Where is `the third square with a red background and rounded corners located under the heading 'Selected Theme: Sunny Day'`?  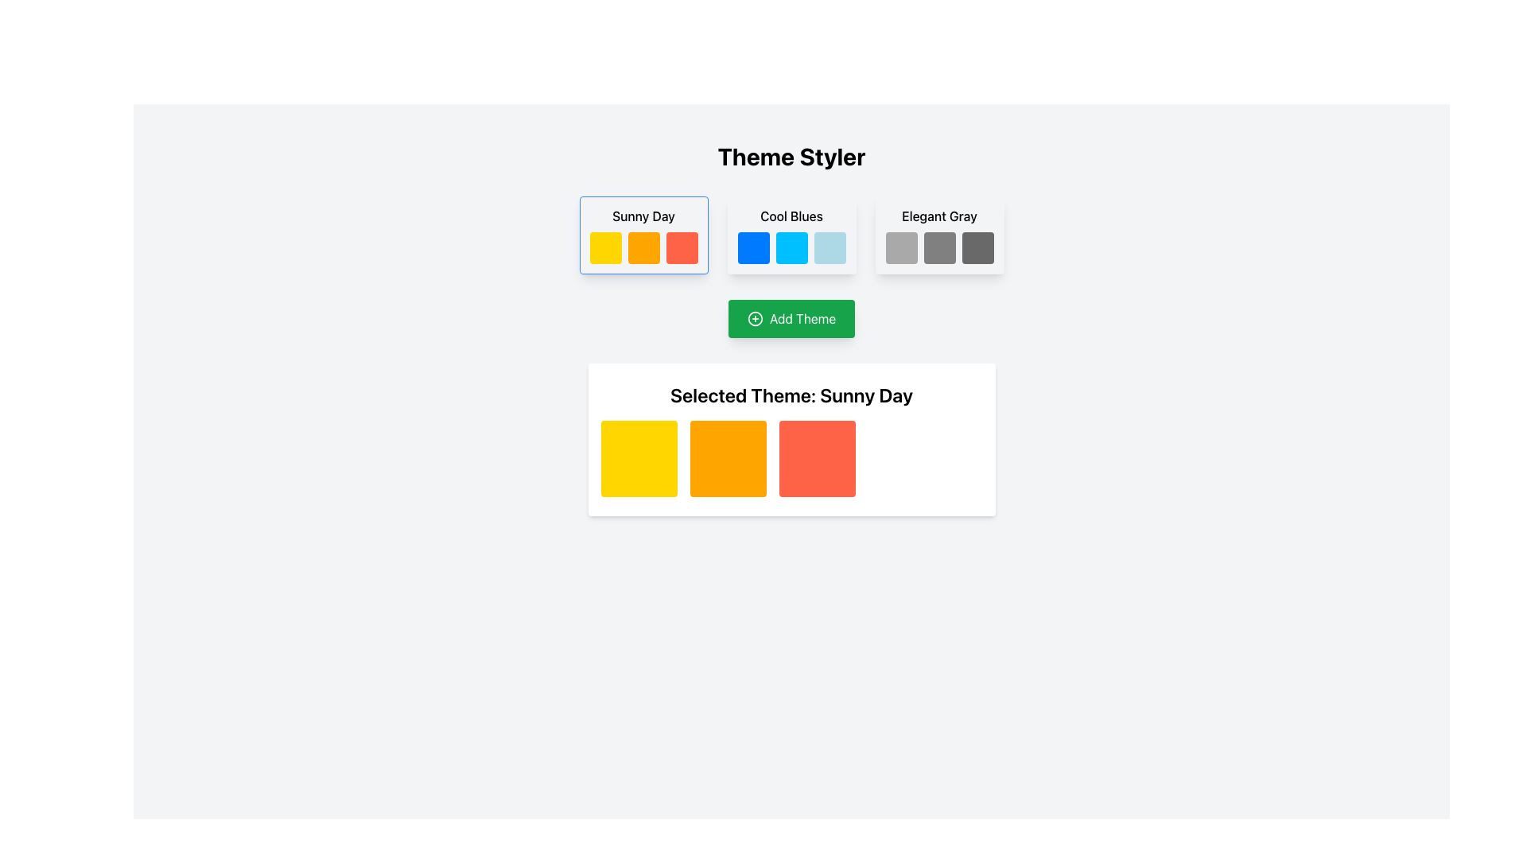
the third square with a red background and rounded corners located under the heading 'Selected Theme: Sunny Day' is located at coordinates (817, 459).